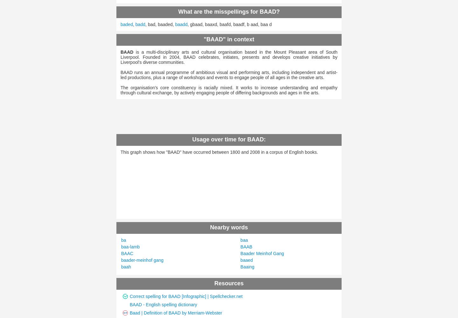 The width and height of the screenshot is (458, 318). I want to click on 'The organisation's core constituency is racially mixed. It works to increase understanding and empathy through cultural exchange, by actively engaging people of differing backgrounds and ages in the arts.', so click(229, 90).